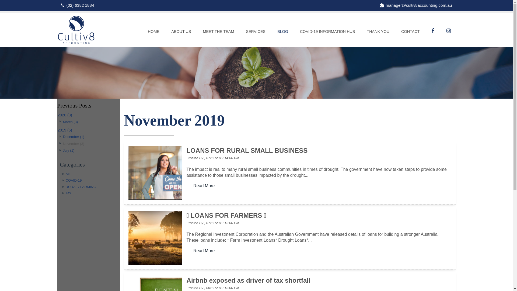 Image resolution: width=517 pixels, height=291 pixels. I want to click on 'MEET THE TEAM', so click(218, 32).